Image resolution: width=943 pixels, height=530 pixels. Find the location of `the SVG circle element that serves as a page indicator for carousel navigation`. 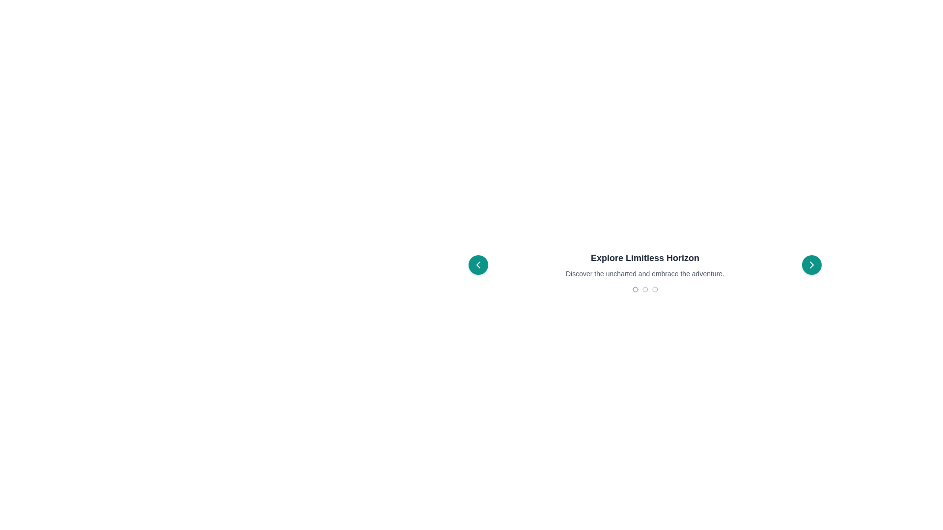

the SVG circle element that serves as a page indicator for carousel navigation is located at coordinates (645, 289).